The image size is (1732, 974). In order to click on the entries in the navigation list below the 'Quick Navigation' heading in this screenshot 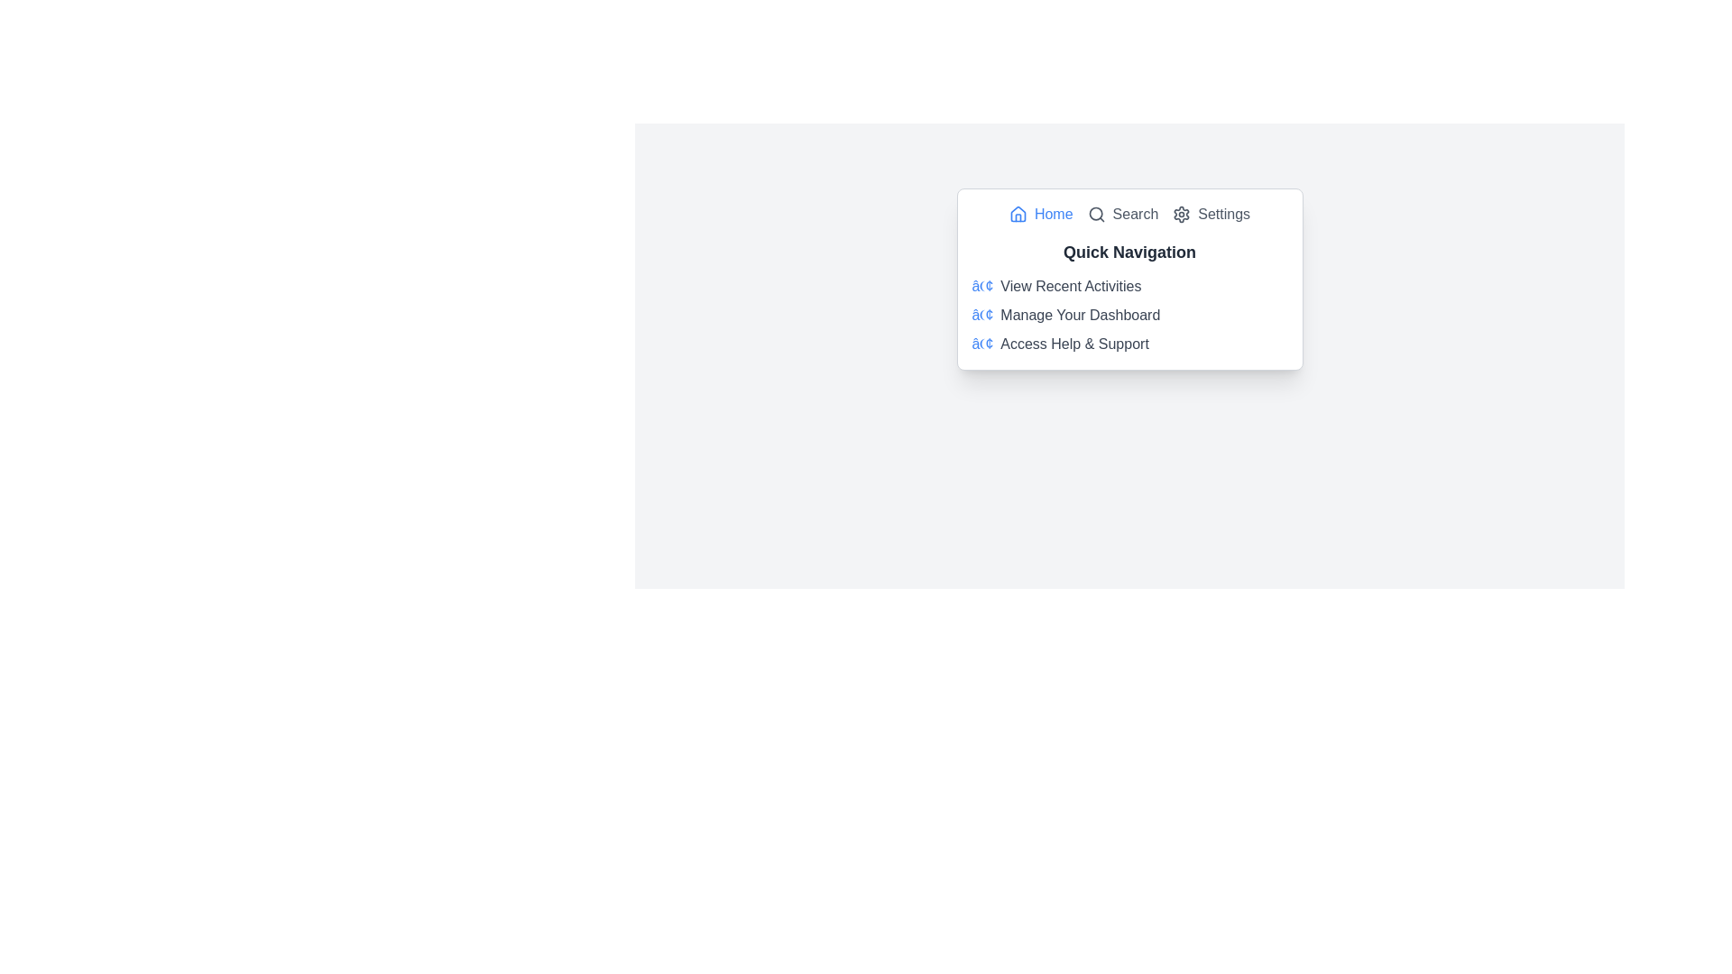, I will do `click(1129, 315)`.